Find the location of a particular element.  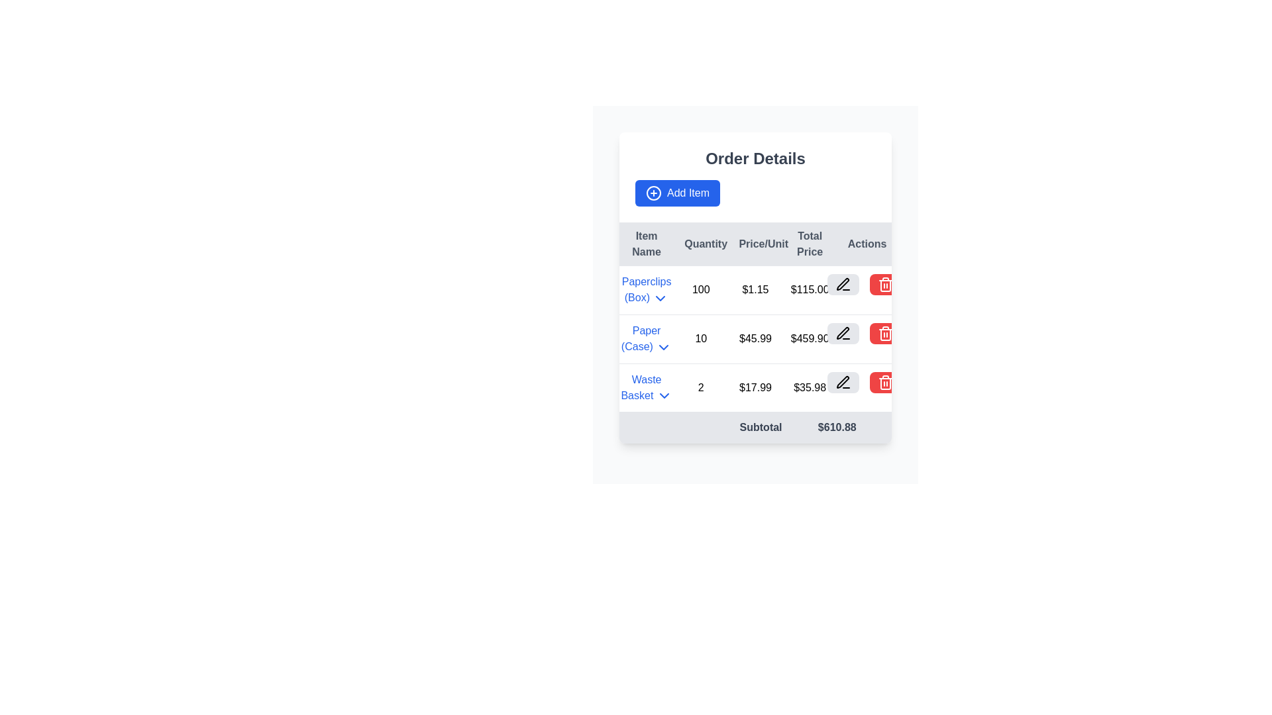

the second row of the table that presents detailed information for the item 'Paper (Case)' is located at coordinates (755, 338).